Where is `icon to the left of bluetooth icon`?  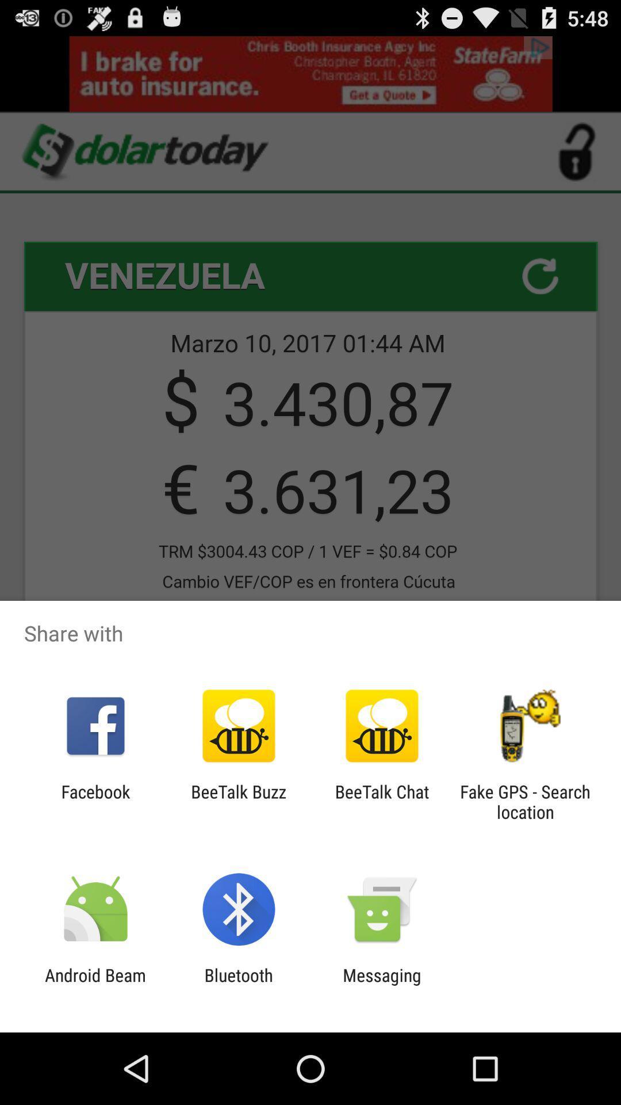 icon to the left of bluetooth icon is located at coordinates (95, 985).